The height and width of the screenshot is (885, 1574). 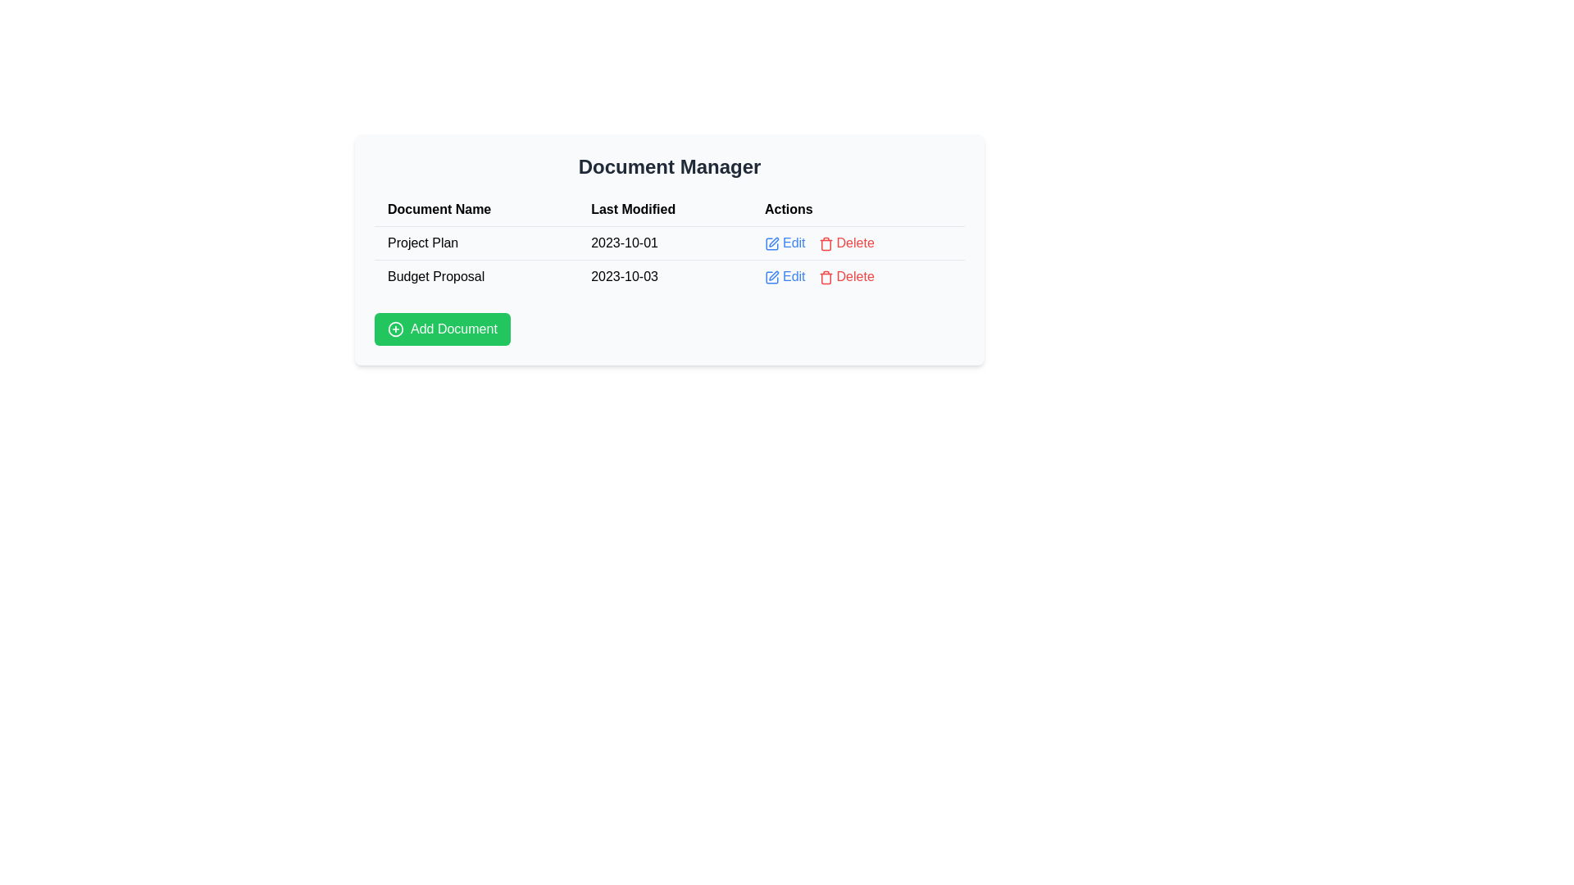 I want to click on the circular outline element that indicates an addition operation, which is part of the 'Add Document' button, so click(x=396, y=329).